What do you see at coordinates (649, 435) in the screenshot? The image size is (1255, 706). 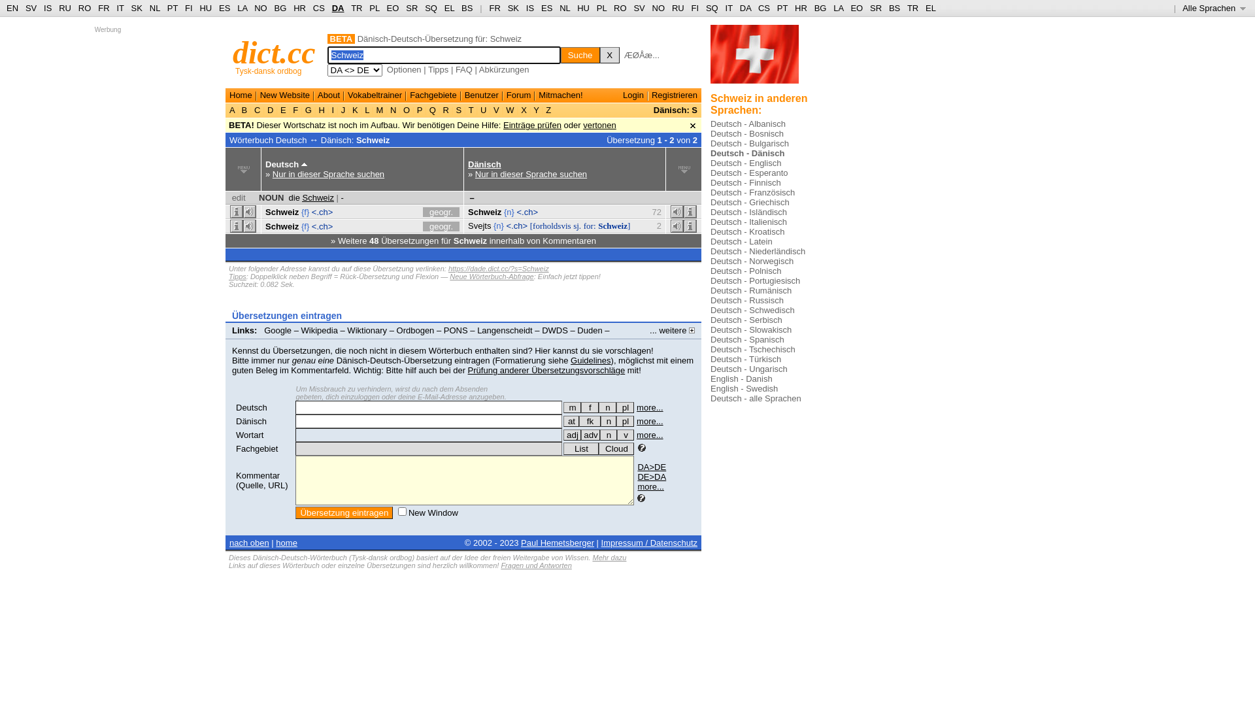 I see `'more...'` at bounding box center [649, 435].